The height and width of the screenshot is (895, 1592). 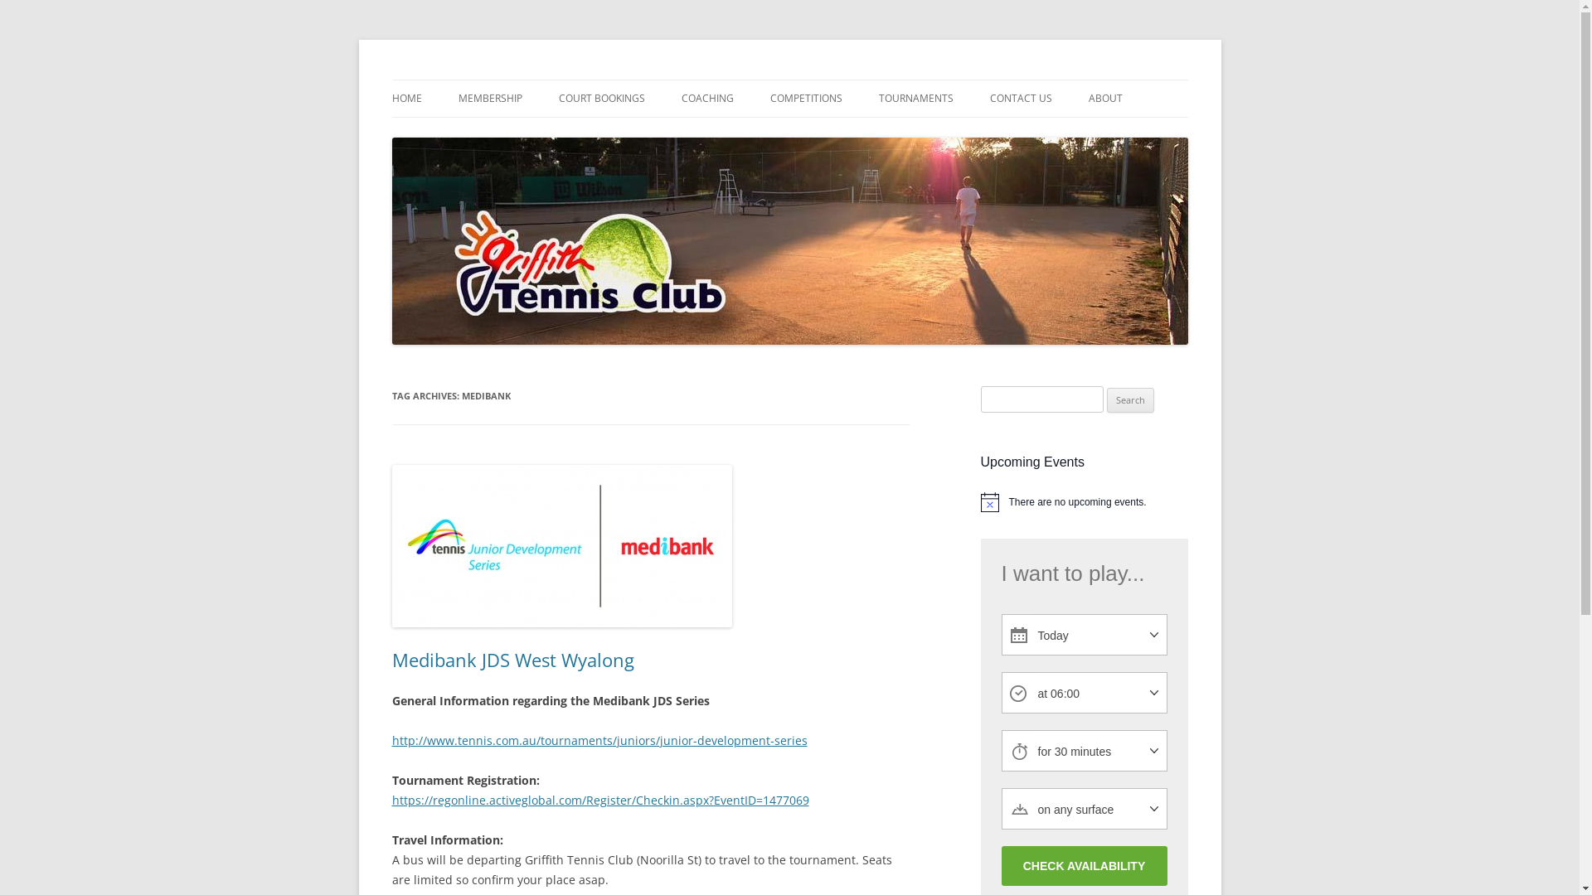 I want to click on 'Search', so click(x=1129, y=399).